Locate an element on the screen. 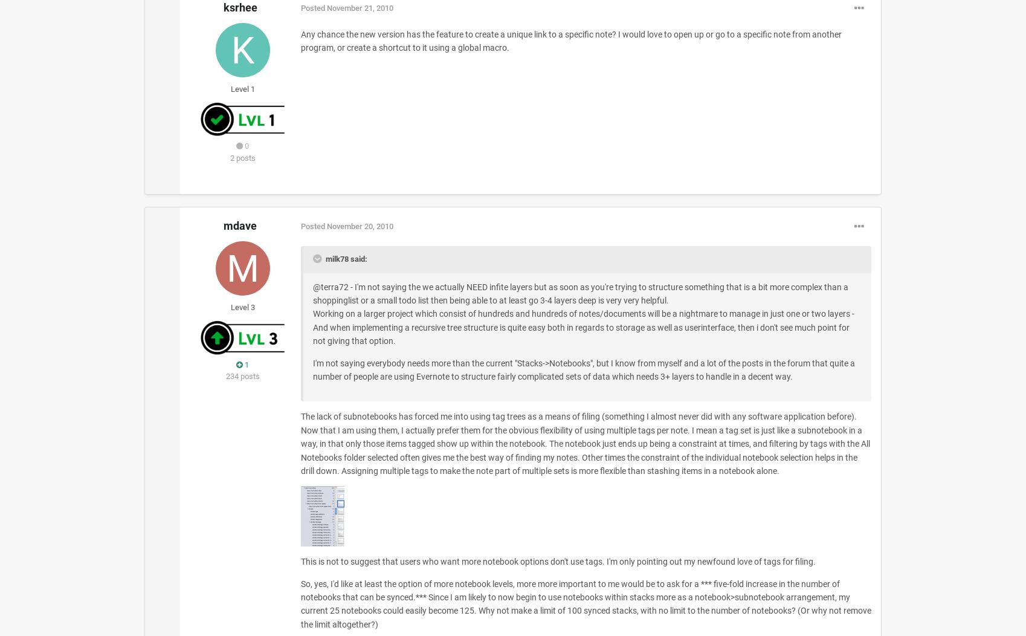  'November 20, 2010' is located at coordinates (326, 226).